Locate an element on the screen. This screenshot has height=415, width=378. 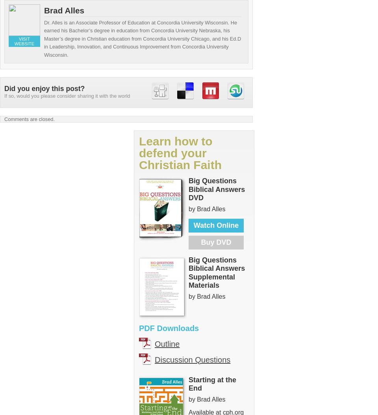
'Brad Alles' is located at coordinates (64, 10).